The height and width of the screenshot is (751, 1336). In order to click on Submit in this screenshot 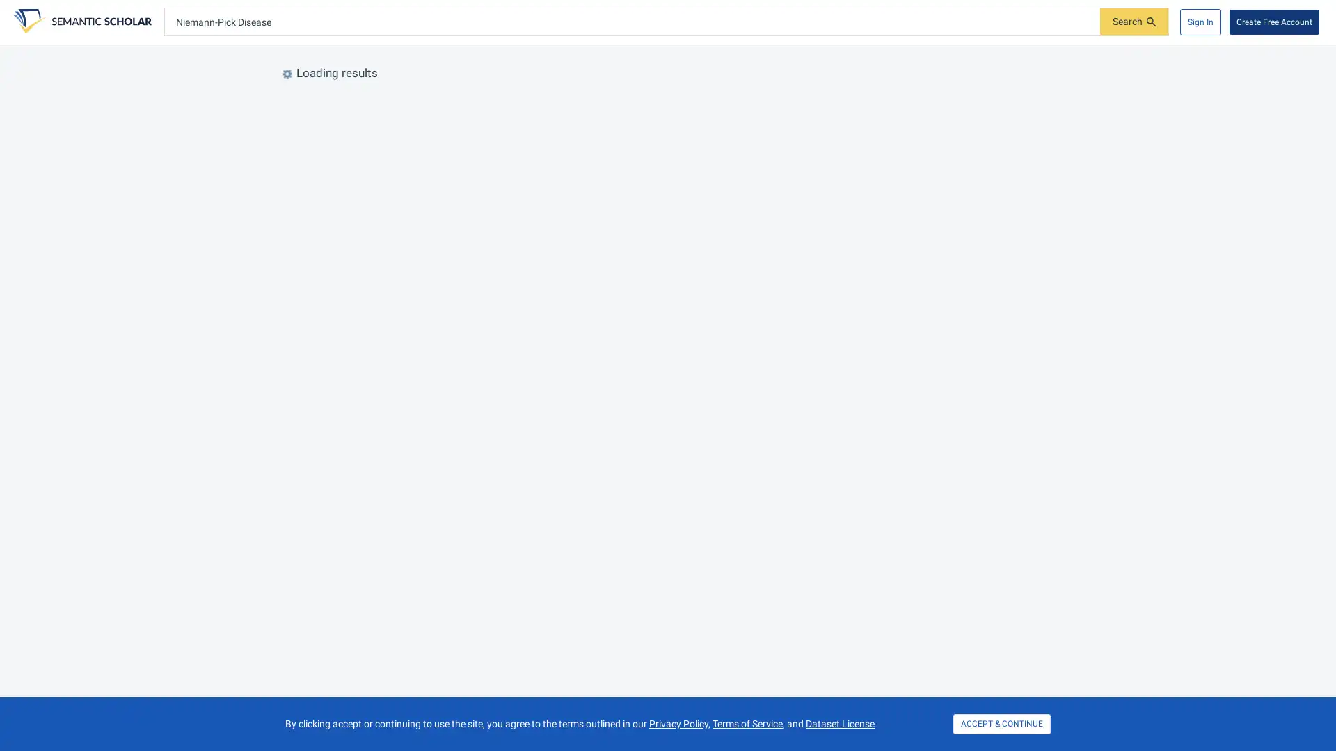, I will do `click(1134, 22)`.